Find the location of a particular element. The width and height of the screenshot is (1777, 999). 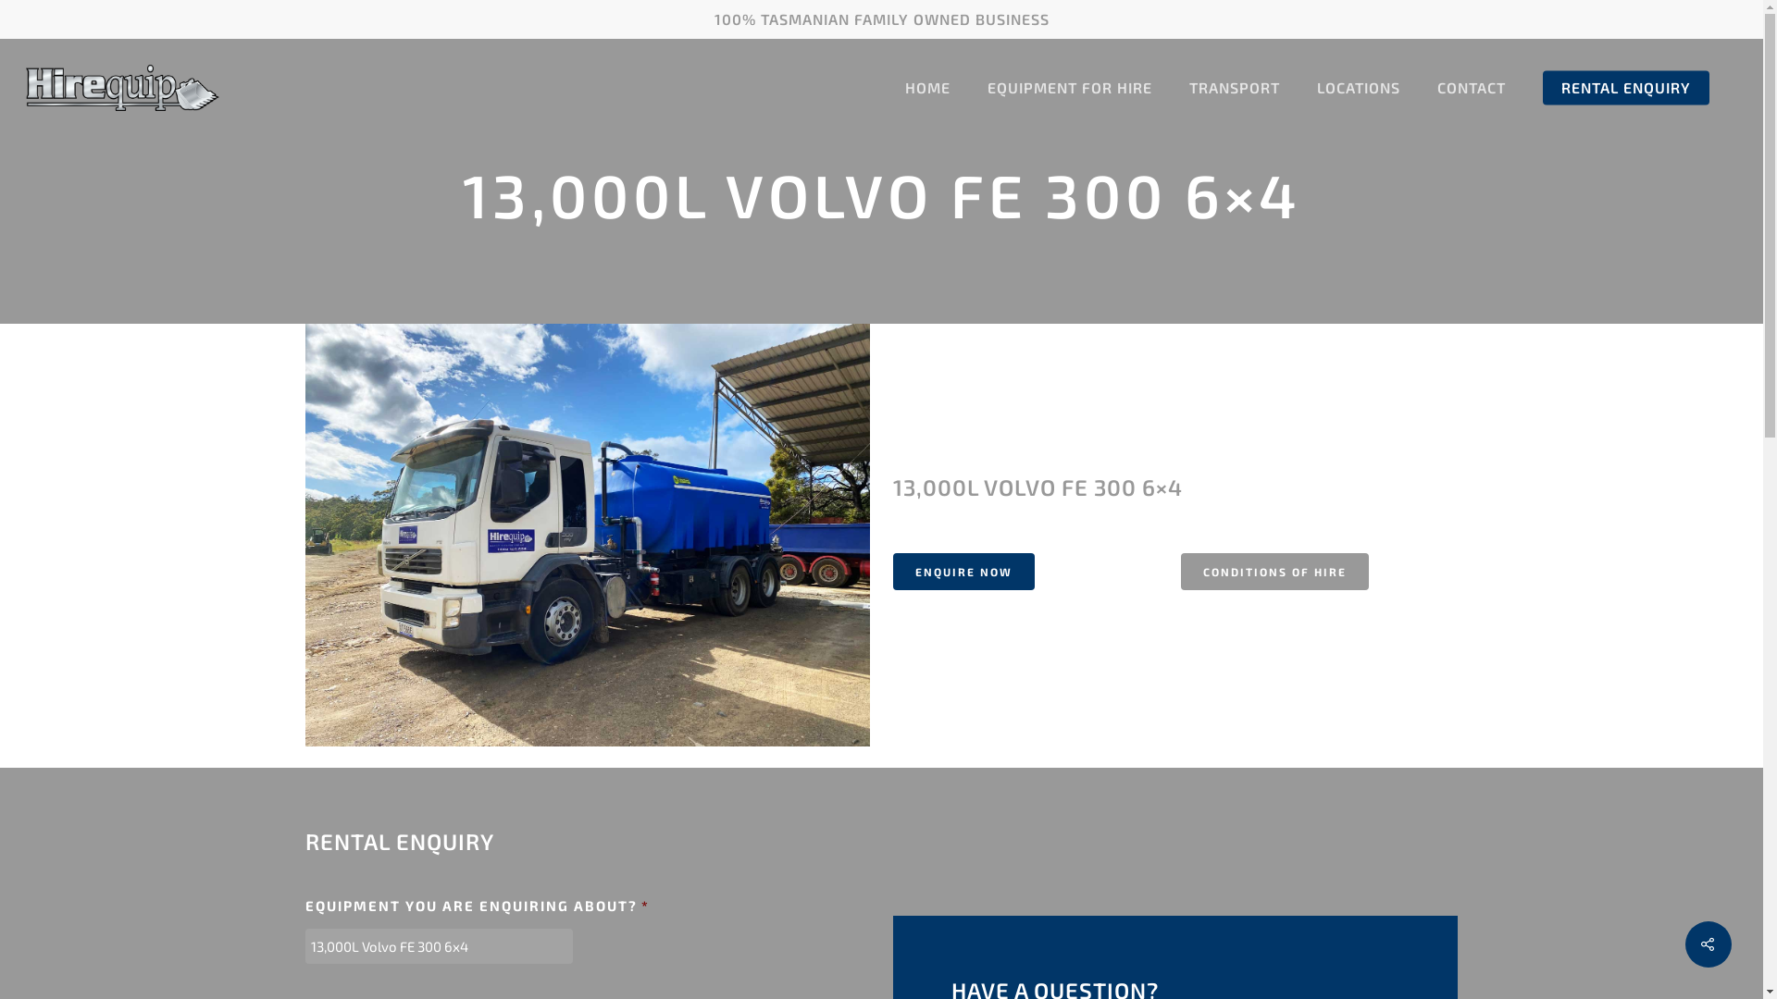

'RENTAL ENQUIRY' is located at coordinates (1542, 88).